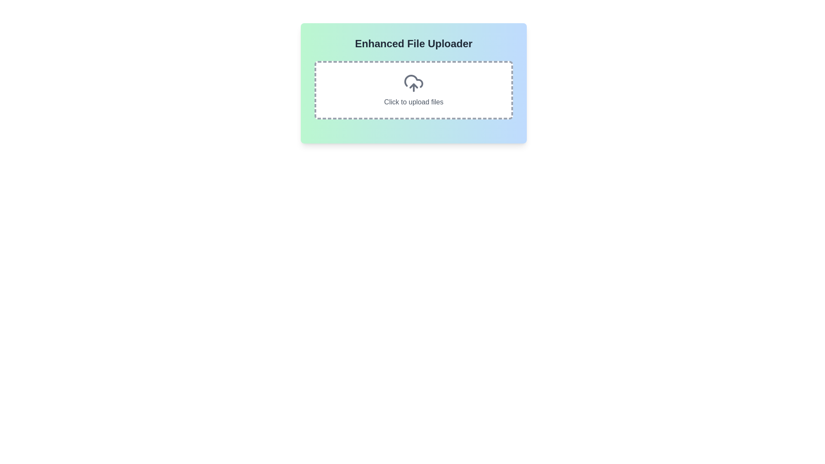 This screenshot has height=464, width=825. What do you see at coordinates (414, 102) in the screenshot?
I see `the static text label that displays 'Click to upload files', which is located in a dashed-bordered box with rounded corners, positioned centrally within the interface` at bounding box center [414, 102].